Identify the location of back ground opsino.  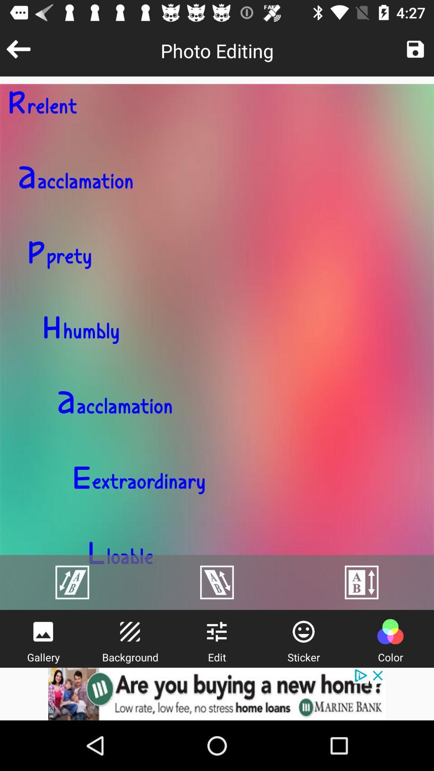
(129, 631).